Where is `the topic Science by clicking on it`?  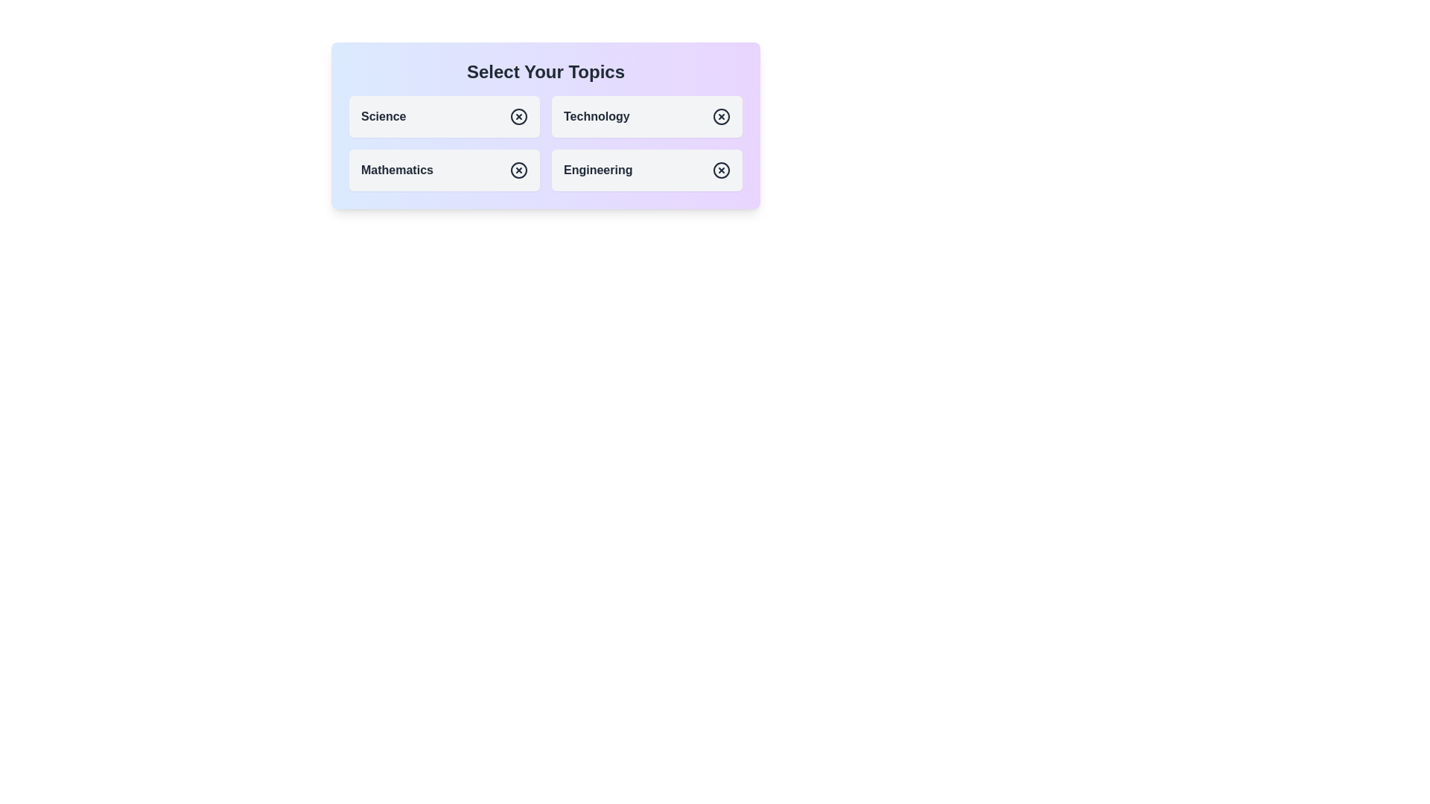
the topic Science by clicking on it is located at coordinates (443, 116).